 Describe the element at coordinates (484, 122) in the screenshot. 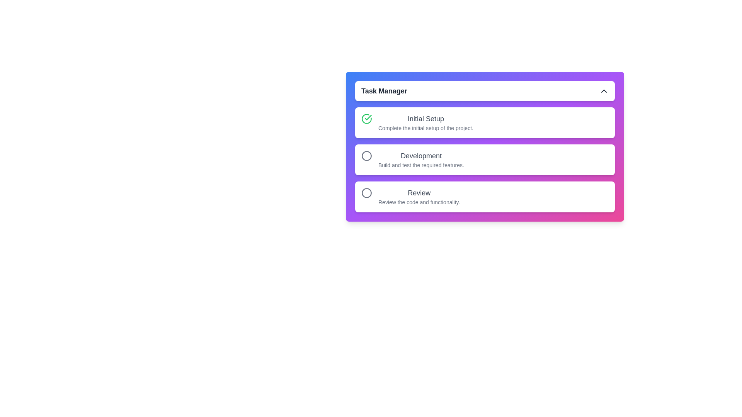

I see `the task item corresponding to Initial Setup` at that location.